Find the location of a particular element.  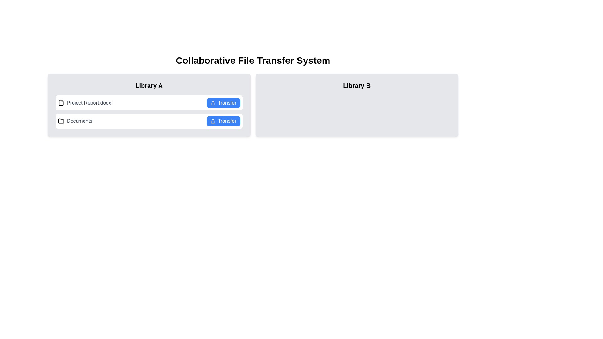

the 'Documents' list item, which is a horizontal group containing a folder icon and styled with a gray hue, located under the 'Library A' section is located at coordinates (75, 121).